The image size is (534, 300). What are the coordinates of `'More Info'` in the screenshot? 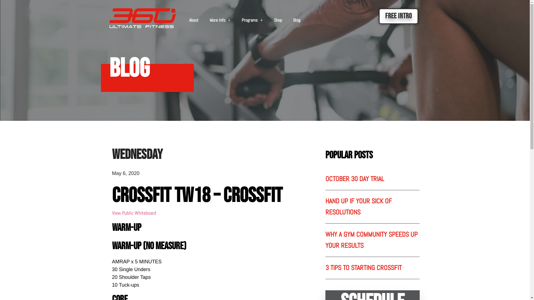 It's located at (204, 20).